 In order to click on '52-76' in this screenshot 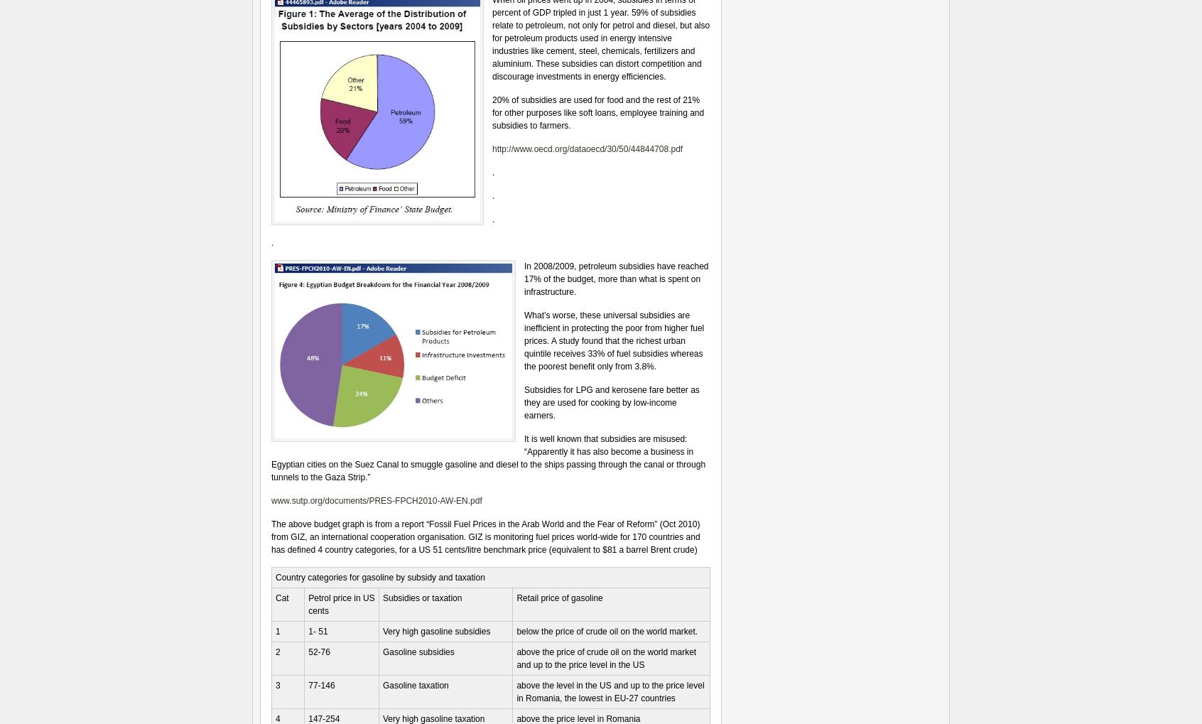, I will do `click(318, 652)`.